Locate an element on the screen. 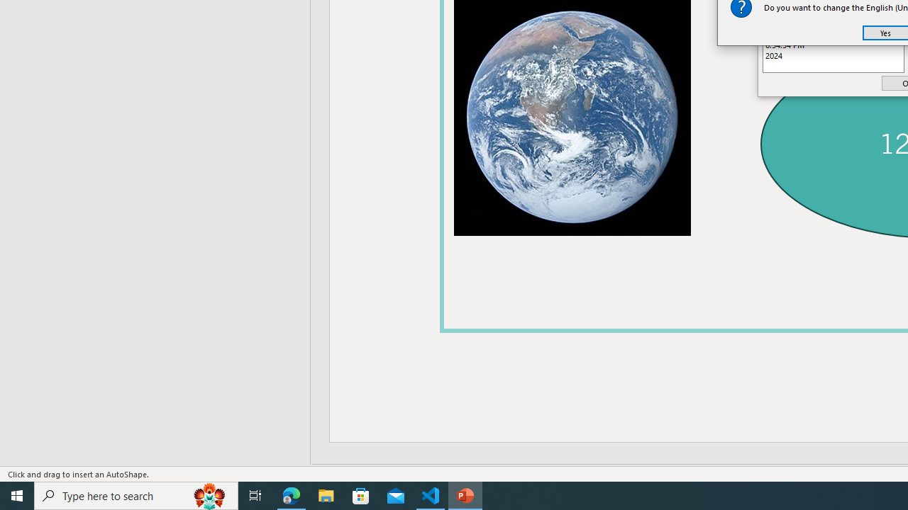 This screenshot has width=908, height=510. 'File Explorer' is located at coordinates (326, 494).